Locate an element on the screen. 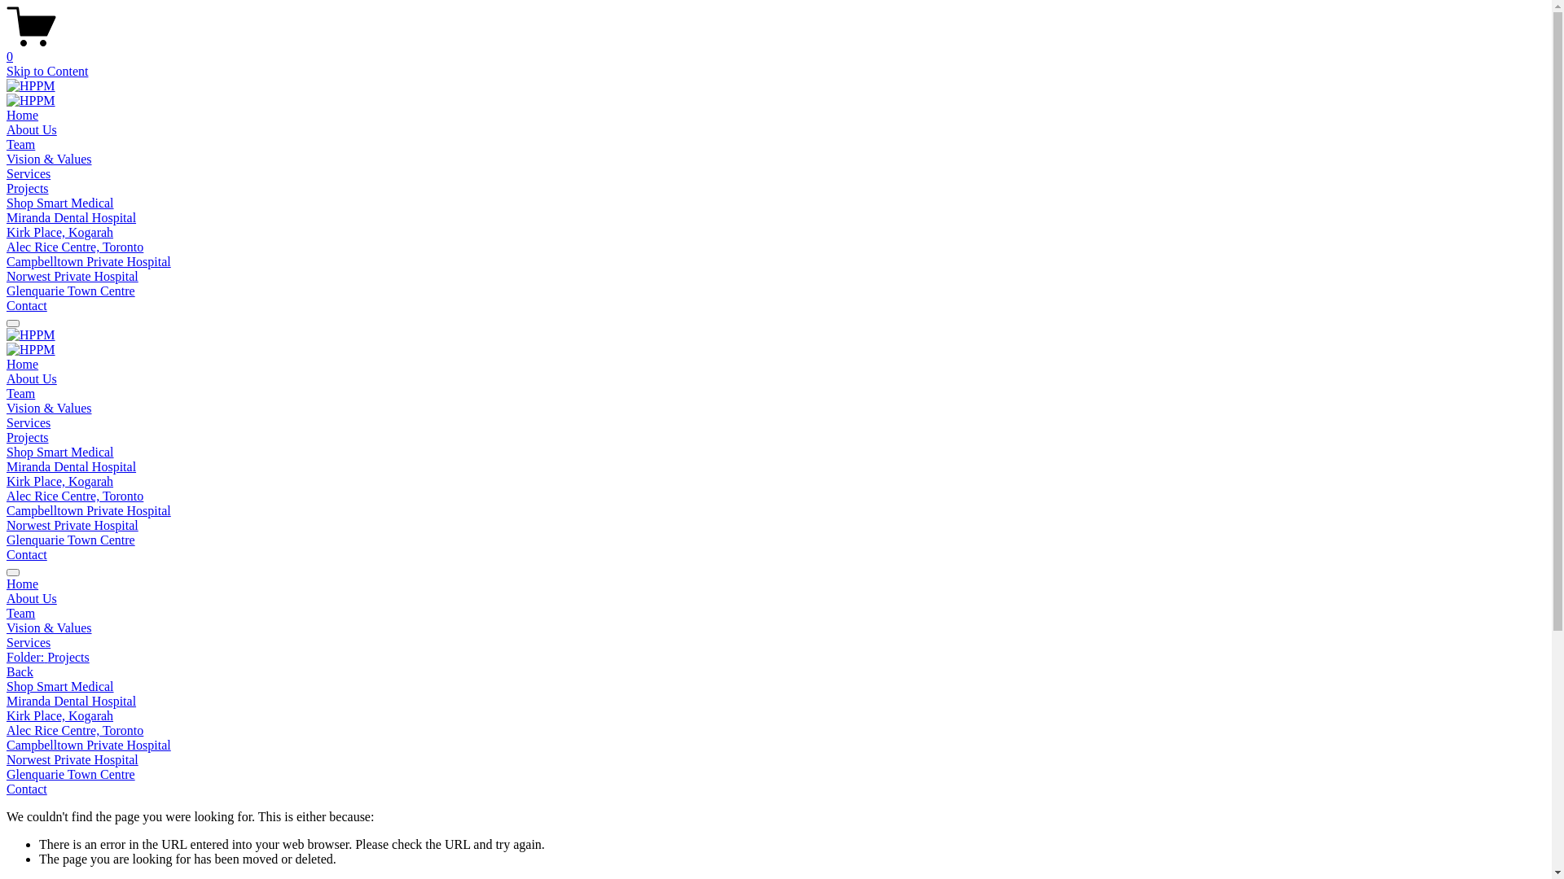 The width and height of the screenshot is (1564, 879). 'Team' is located at coordinates (20, 143).